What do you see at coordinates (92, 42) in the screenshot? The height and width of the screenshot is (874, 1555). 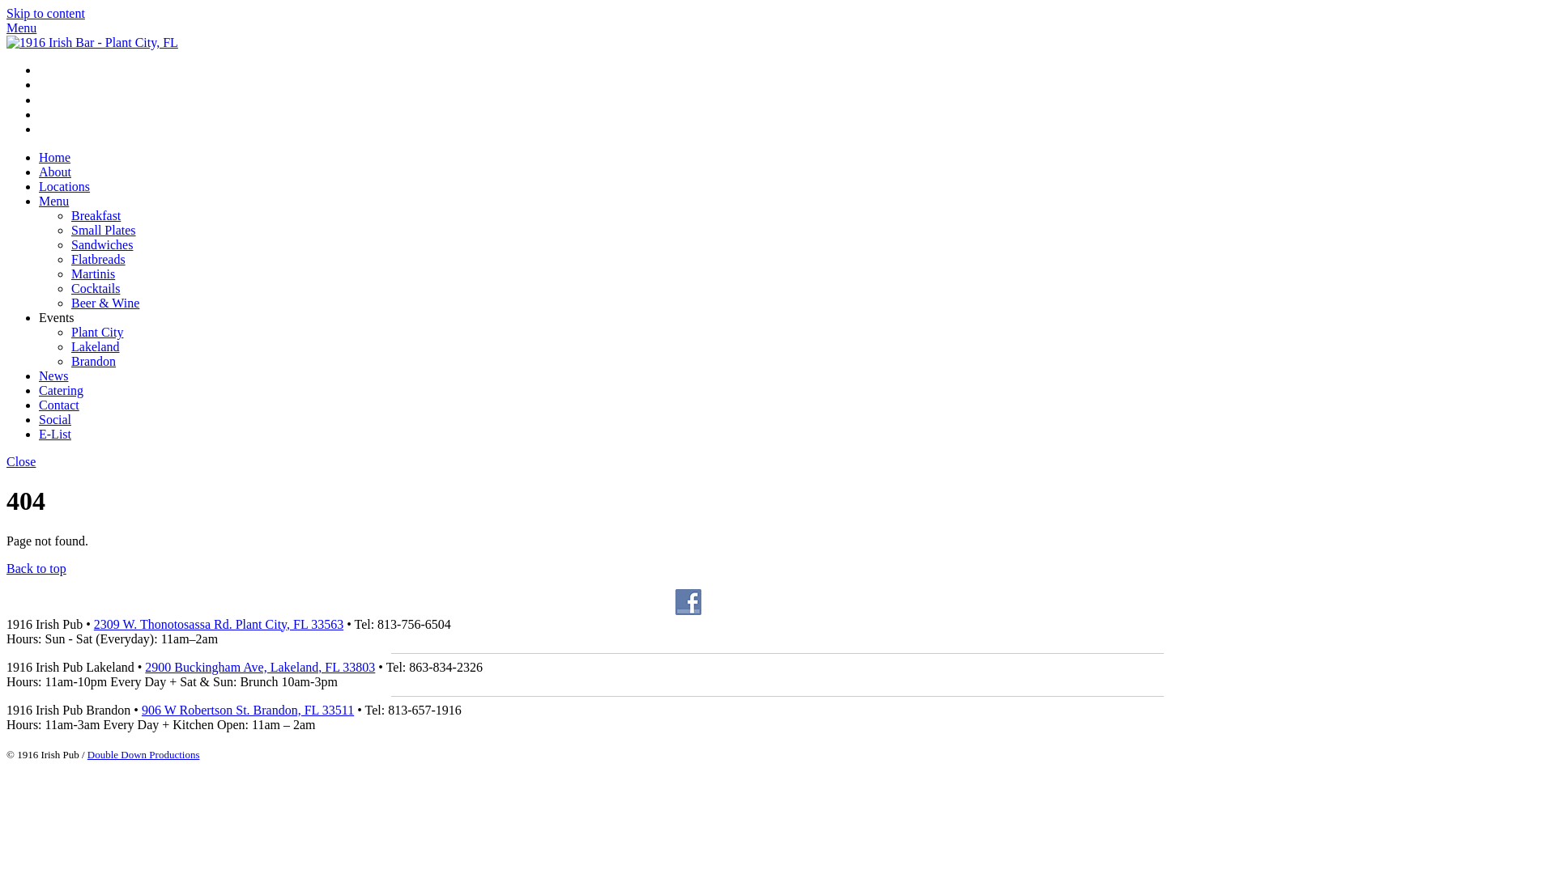 I see `'NineteenSixteen_2'` at bounding box center [92, 42].